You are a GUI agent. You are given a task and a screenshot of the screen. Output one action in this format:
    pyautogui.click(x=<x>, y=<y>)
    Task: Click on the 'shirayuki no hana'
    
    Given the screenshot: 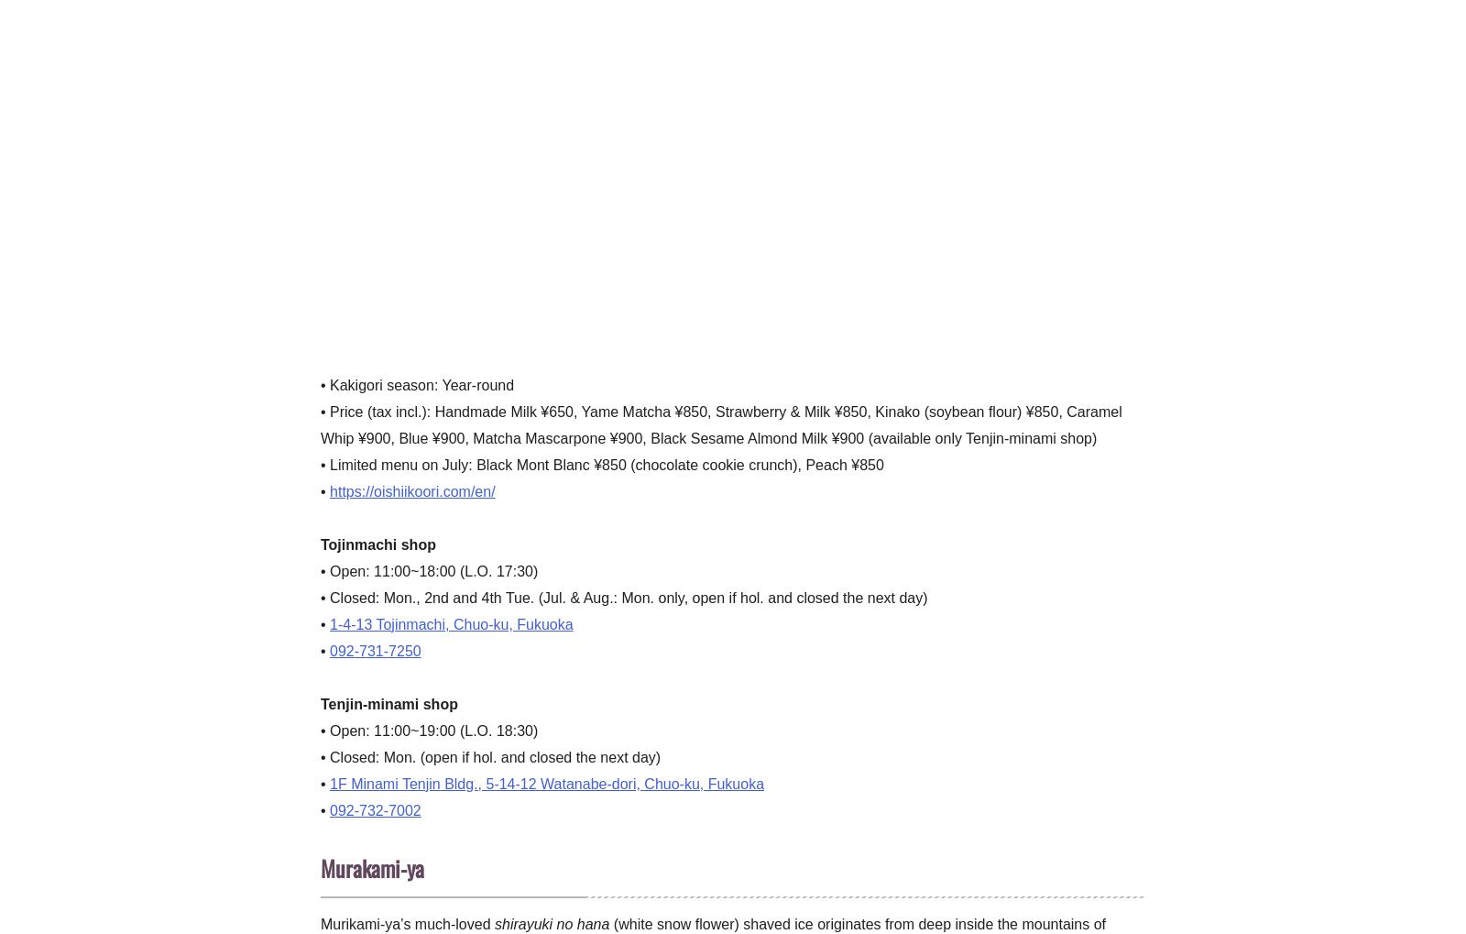 What is the action you would take?
    pyautogui.click(x=551, y=924)
    